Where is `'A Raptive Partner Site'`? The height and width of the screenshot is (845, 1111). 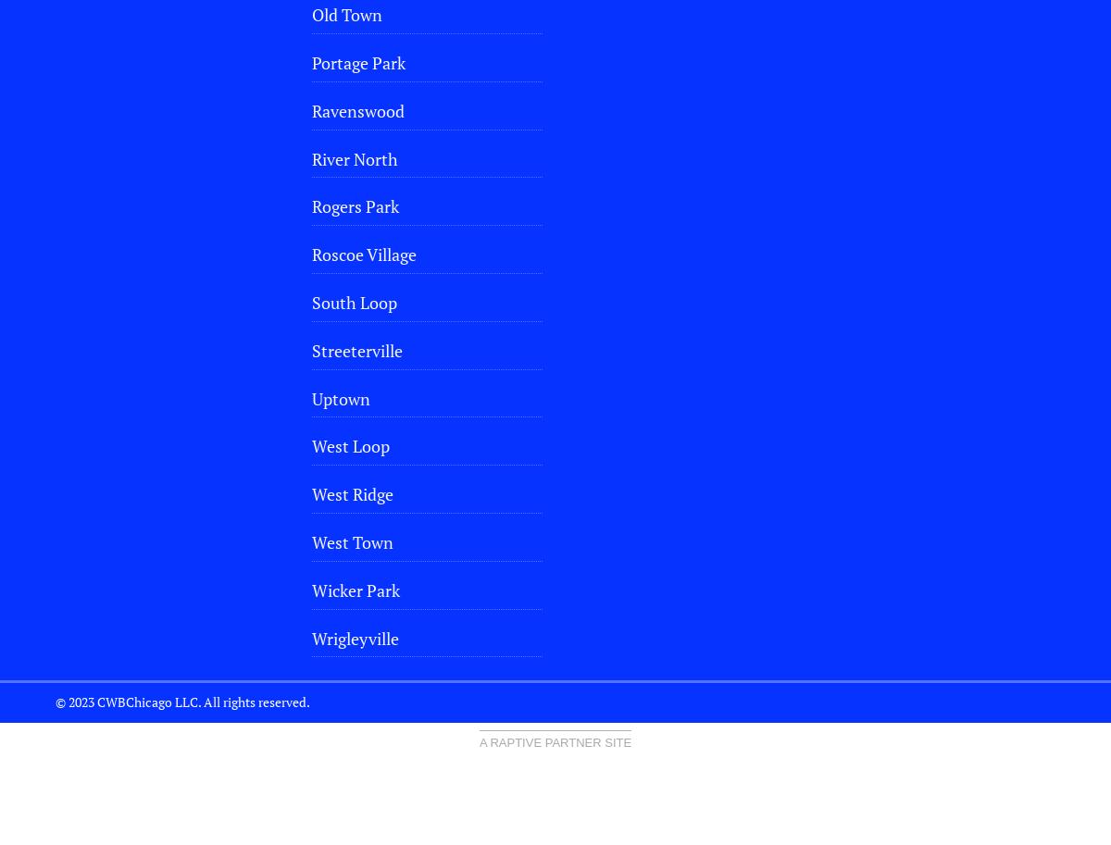 'A Raptive Partner Site' is located at coordinates (554, 740).